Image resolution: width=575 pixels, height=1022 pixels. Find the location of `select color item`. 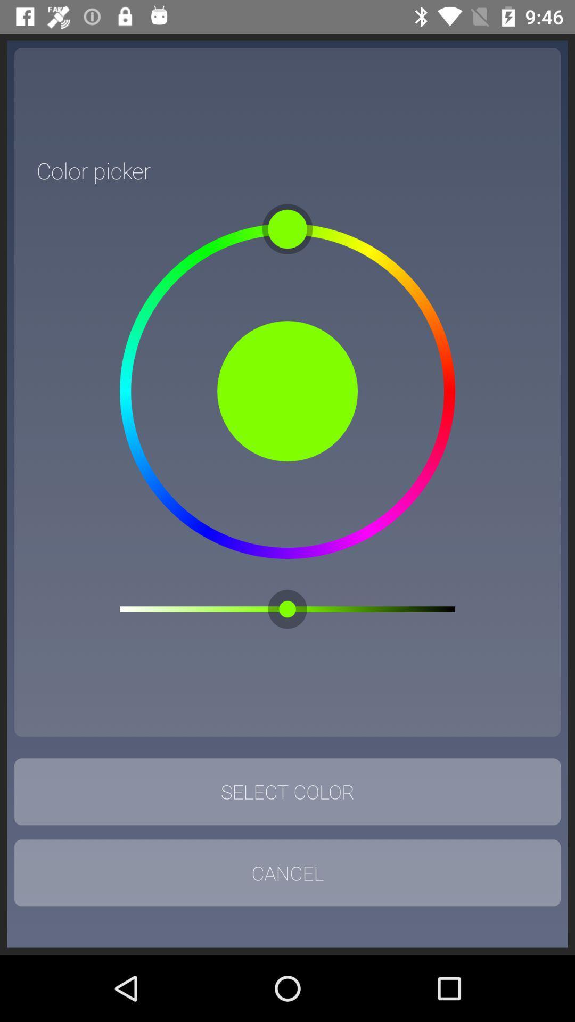

select color item is located at coordinates (287, 792).